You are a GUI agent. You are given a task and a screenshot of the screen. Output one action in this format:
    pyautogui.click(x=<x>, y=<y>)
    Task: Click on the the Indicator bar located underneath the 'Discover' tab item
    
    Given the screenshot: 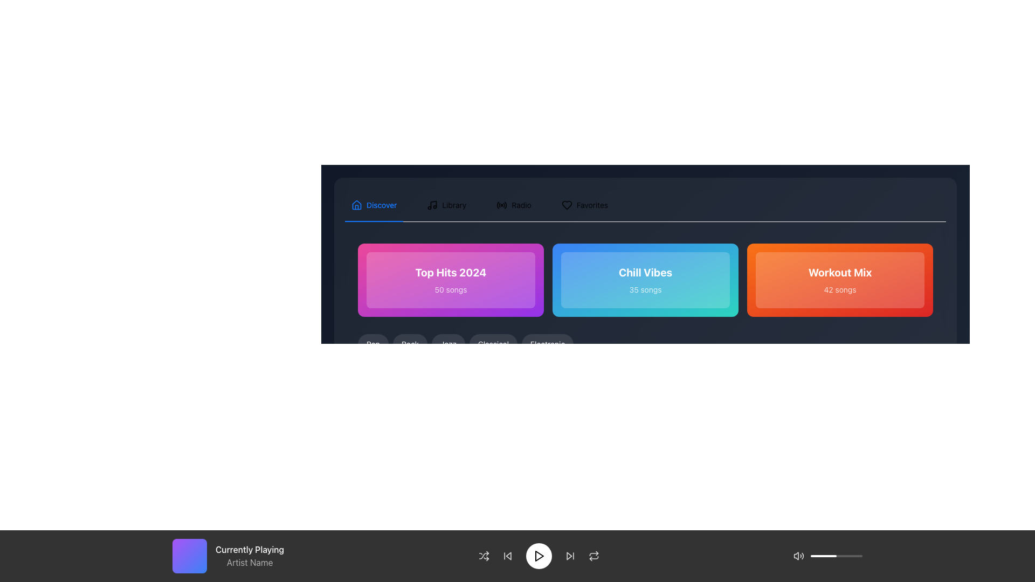 What is the action you would take?
    pyautogui.click(x=374, y=221)
    